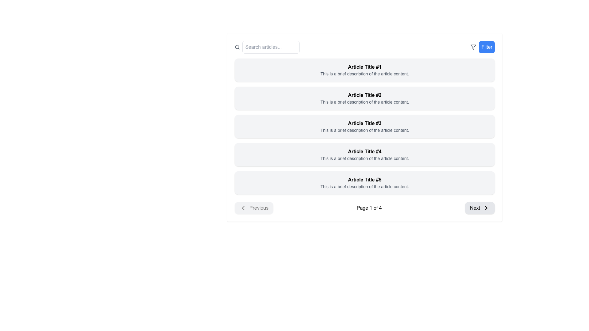  What do you see at coordinates (243, 207) in the screenshot?
I see `the 'Previous' button which contains the left-pointing chevron arrow icon located in the bottom-left corner of the interface` at bounding box center [243, 207].